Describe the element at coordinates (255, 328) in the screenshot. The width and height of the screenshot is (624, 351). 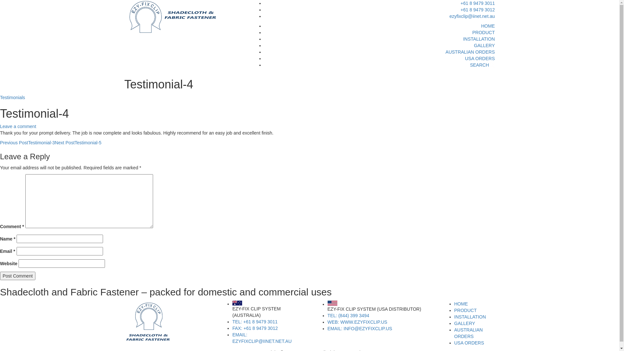
I see `'FAX: +61 8 9479 3012'` at that location.